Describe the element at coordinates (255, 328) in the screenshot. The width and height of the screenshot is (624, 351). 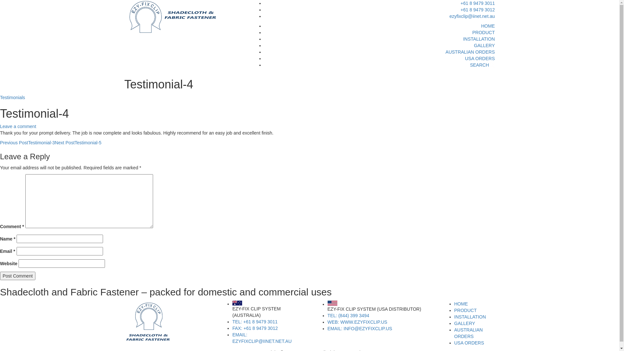
I see `'FAX: +61 8 9479 3012'` at that location.